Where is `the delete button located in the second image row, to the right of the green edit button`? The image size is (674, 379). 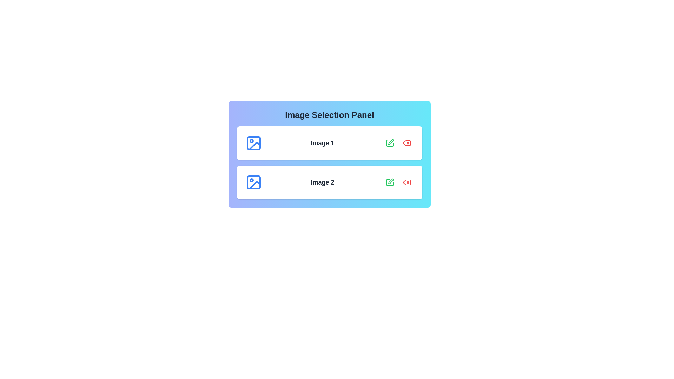
the delete button located in the second image row, to the right of the green edit button is located at coordinates (407, 182).